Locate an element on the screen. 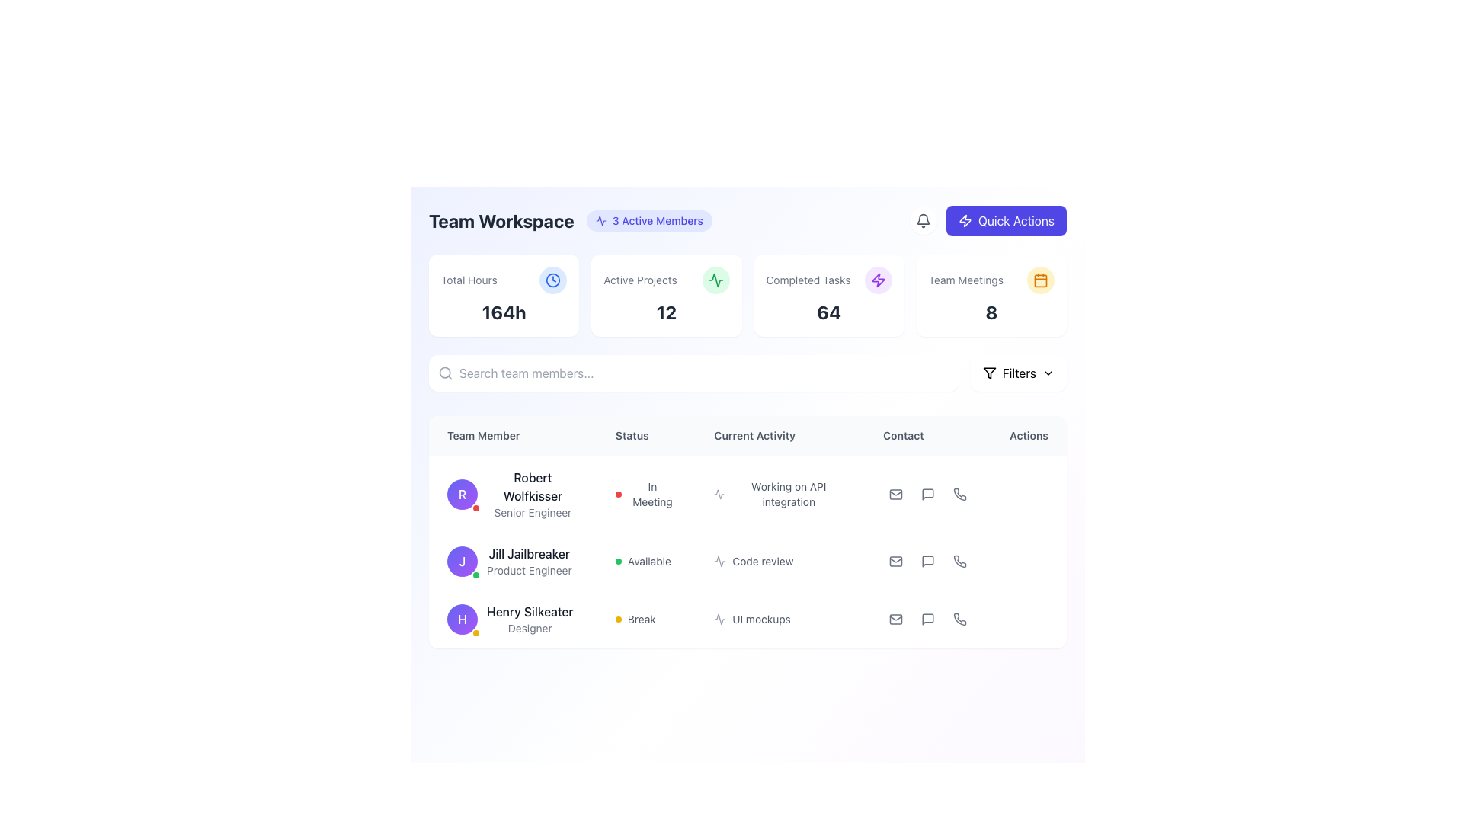  the notification icon button located at the top-right section of the user interface is located at coordinates (922, 220).